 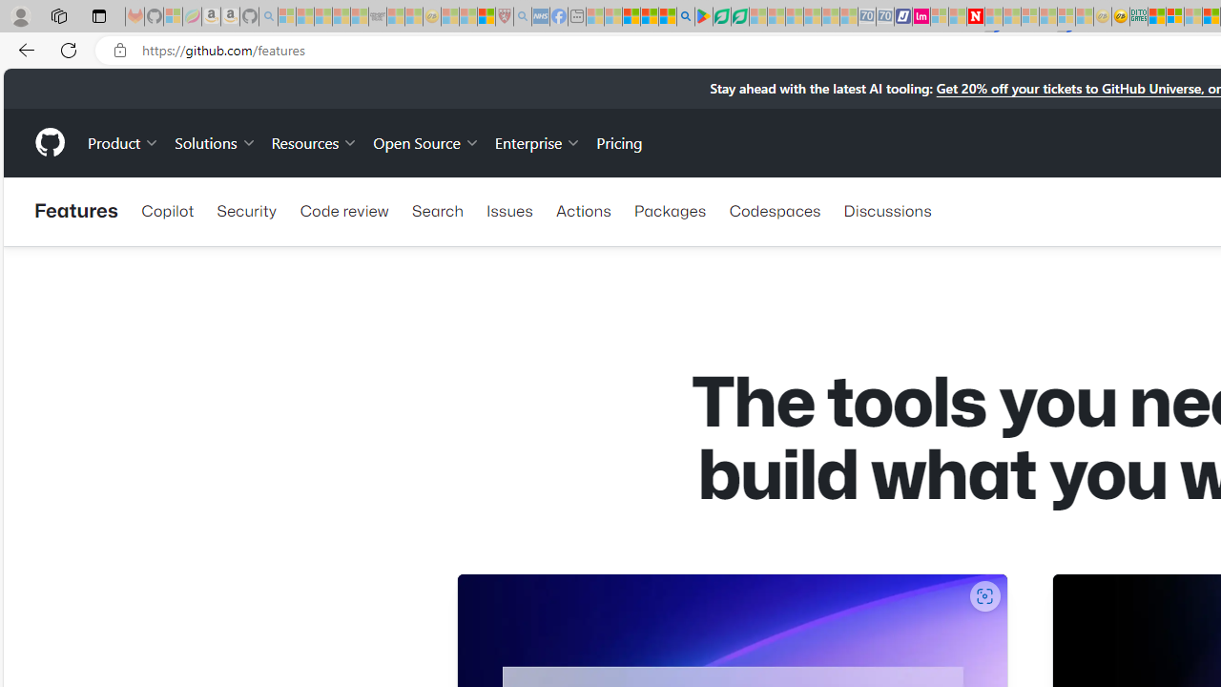 What do you see at coordinates (76, 211) in the screenshot?
I see `'Features'` at bounding box center [76, 211].